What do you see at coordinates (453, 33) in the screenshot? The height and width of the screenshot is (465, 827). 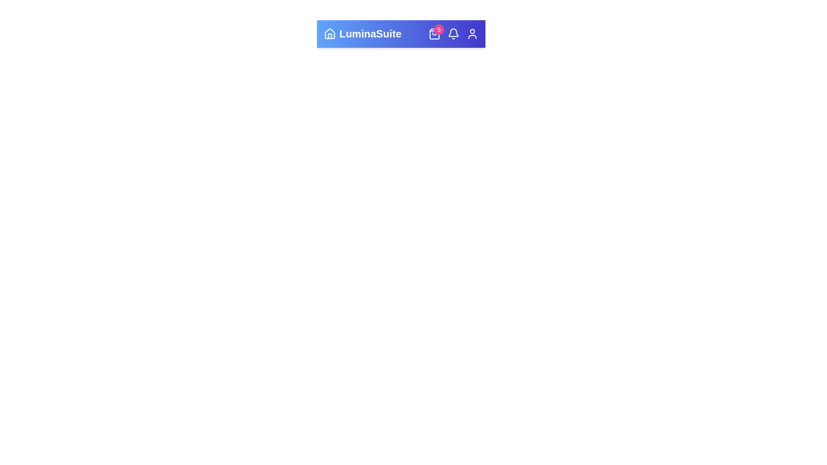 I see `the Bell icon` at bounding box center [453, 33].